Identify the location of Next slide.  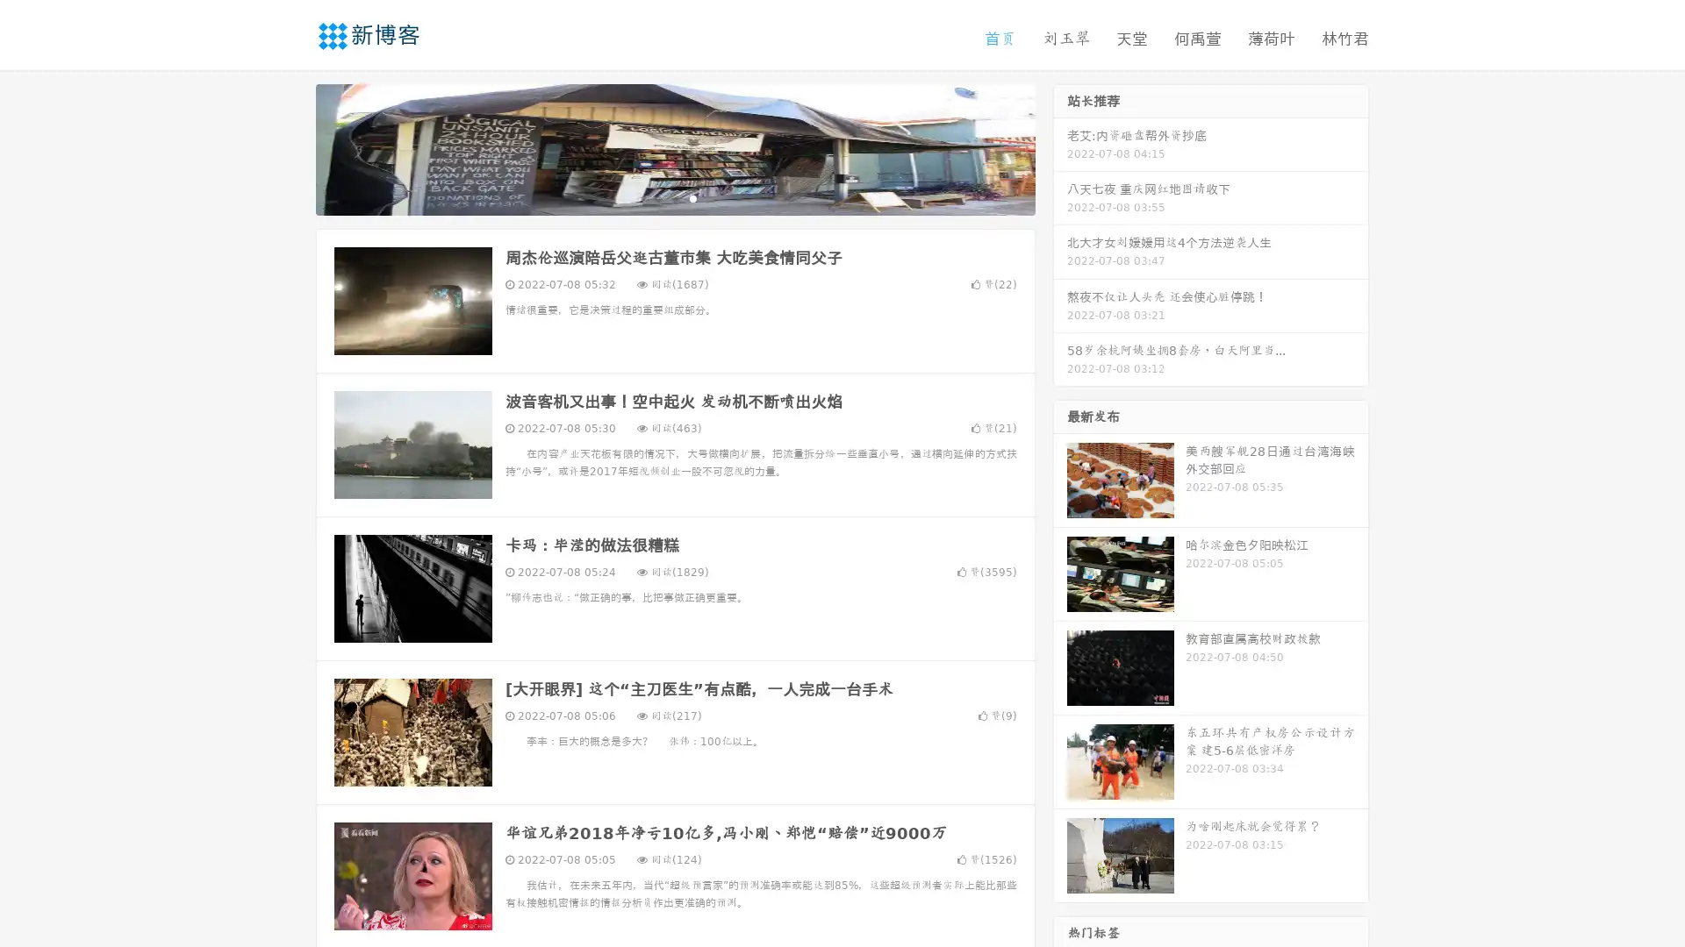
(1060, 147).